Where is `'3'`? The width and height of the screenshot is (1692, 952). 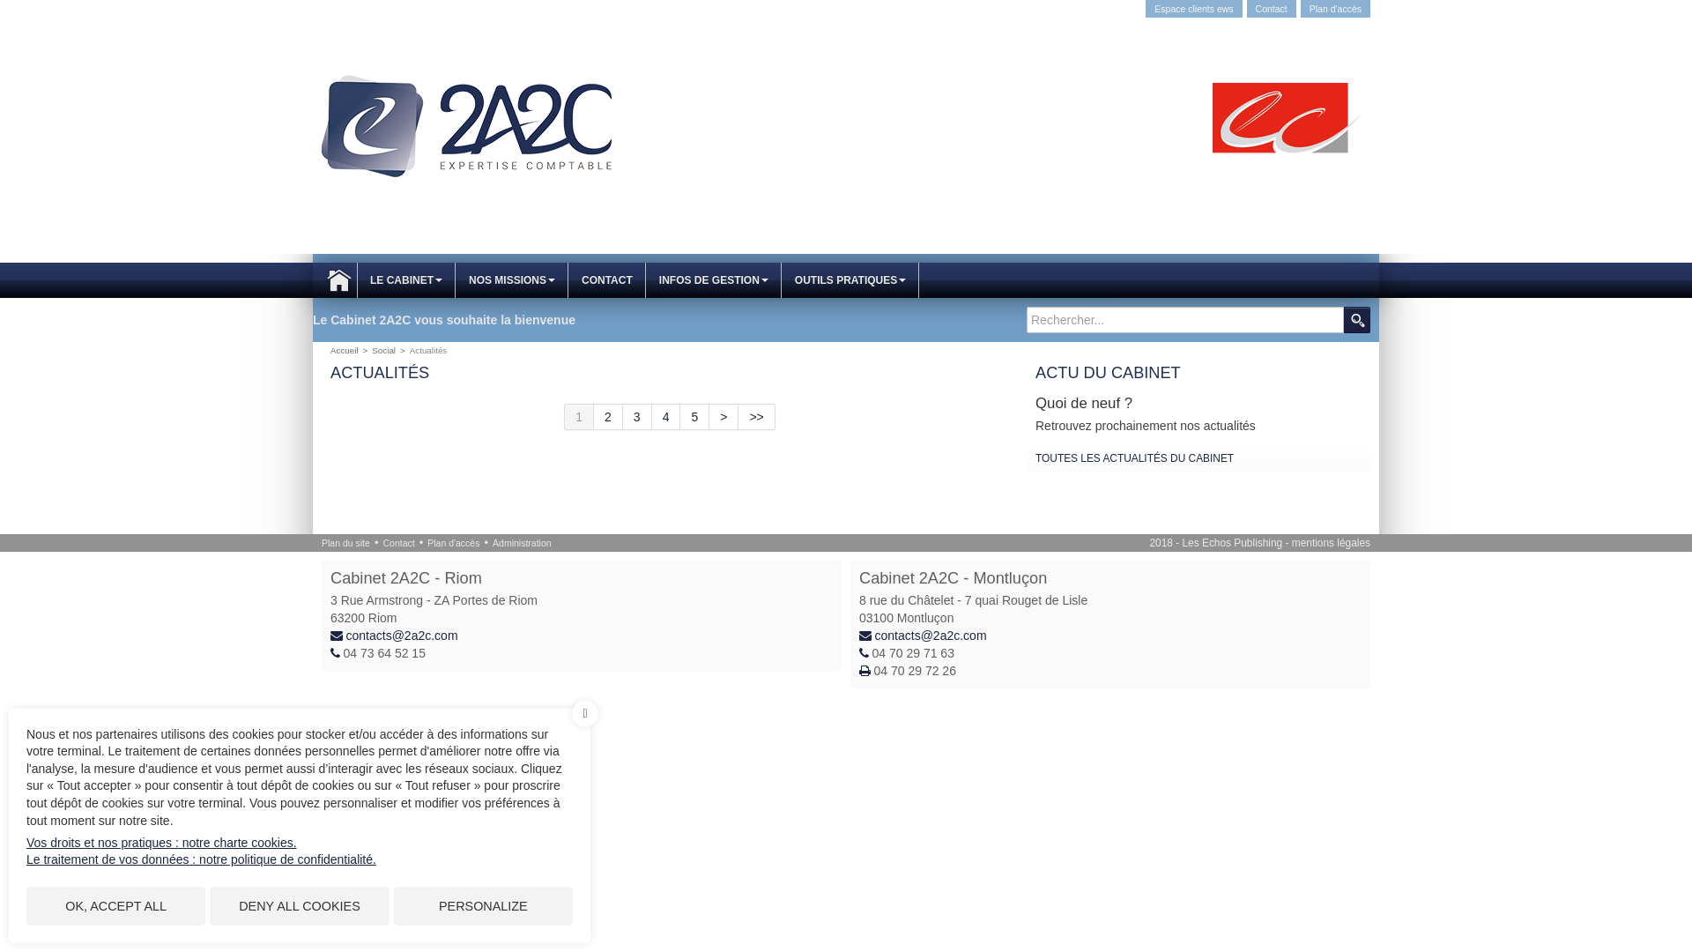
'3' is located at coordinates (636, 417).